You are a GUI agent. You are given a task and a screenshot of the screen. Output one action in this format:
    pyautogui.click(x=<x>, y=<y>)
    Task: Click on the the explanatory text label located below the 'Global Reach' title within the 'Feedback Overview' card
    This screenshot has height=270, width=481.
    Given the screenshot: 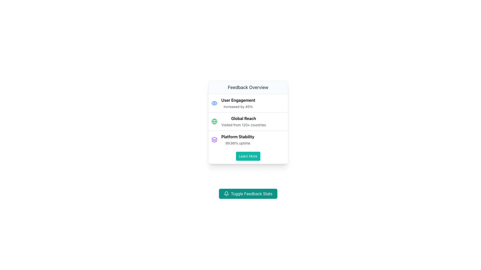 What is the action you would take?
    pyautogui.click(x=244, y=125)
    